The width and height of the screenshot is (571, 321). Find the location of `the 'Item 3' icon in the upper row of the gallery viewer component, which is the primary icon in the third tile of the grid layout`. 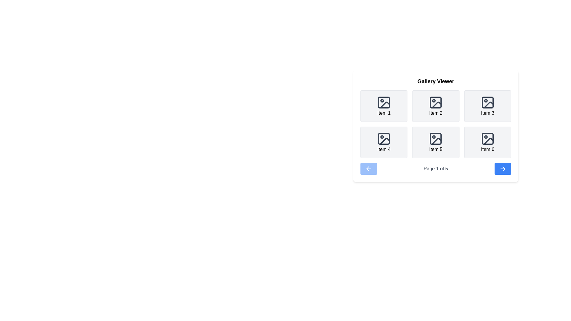

the 'Item 3' icon in the upper row of the gallery viewer component, which is the primary icon in the third tile of the grid layout is located at coordinates (487, 102).